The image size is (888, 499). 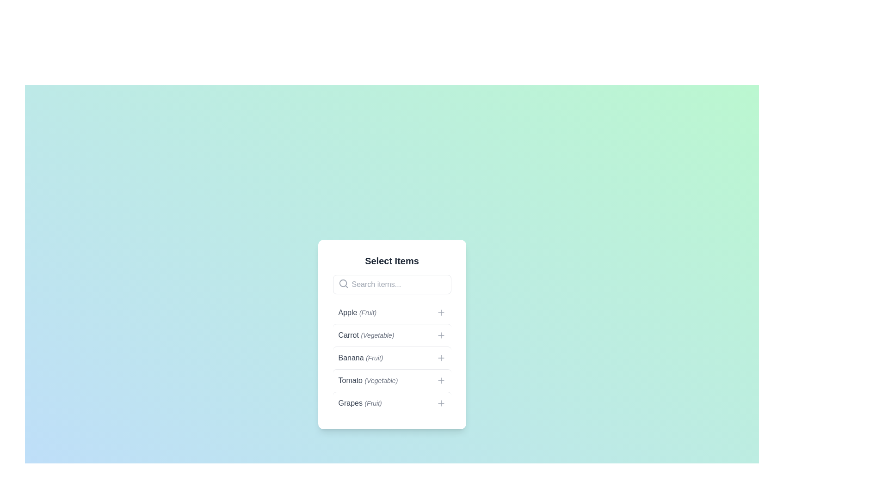 What do you see at coordinates (343, 283) in the screenshot?
I see `the magnifying glass icon` at bounding box center [343, 283].